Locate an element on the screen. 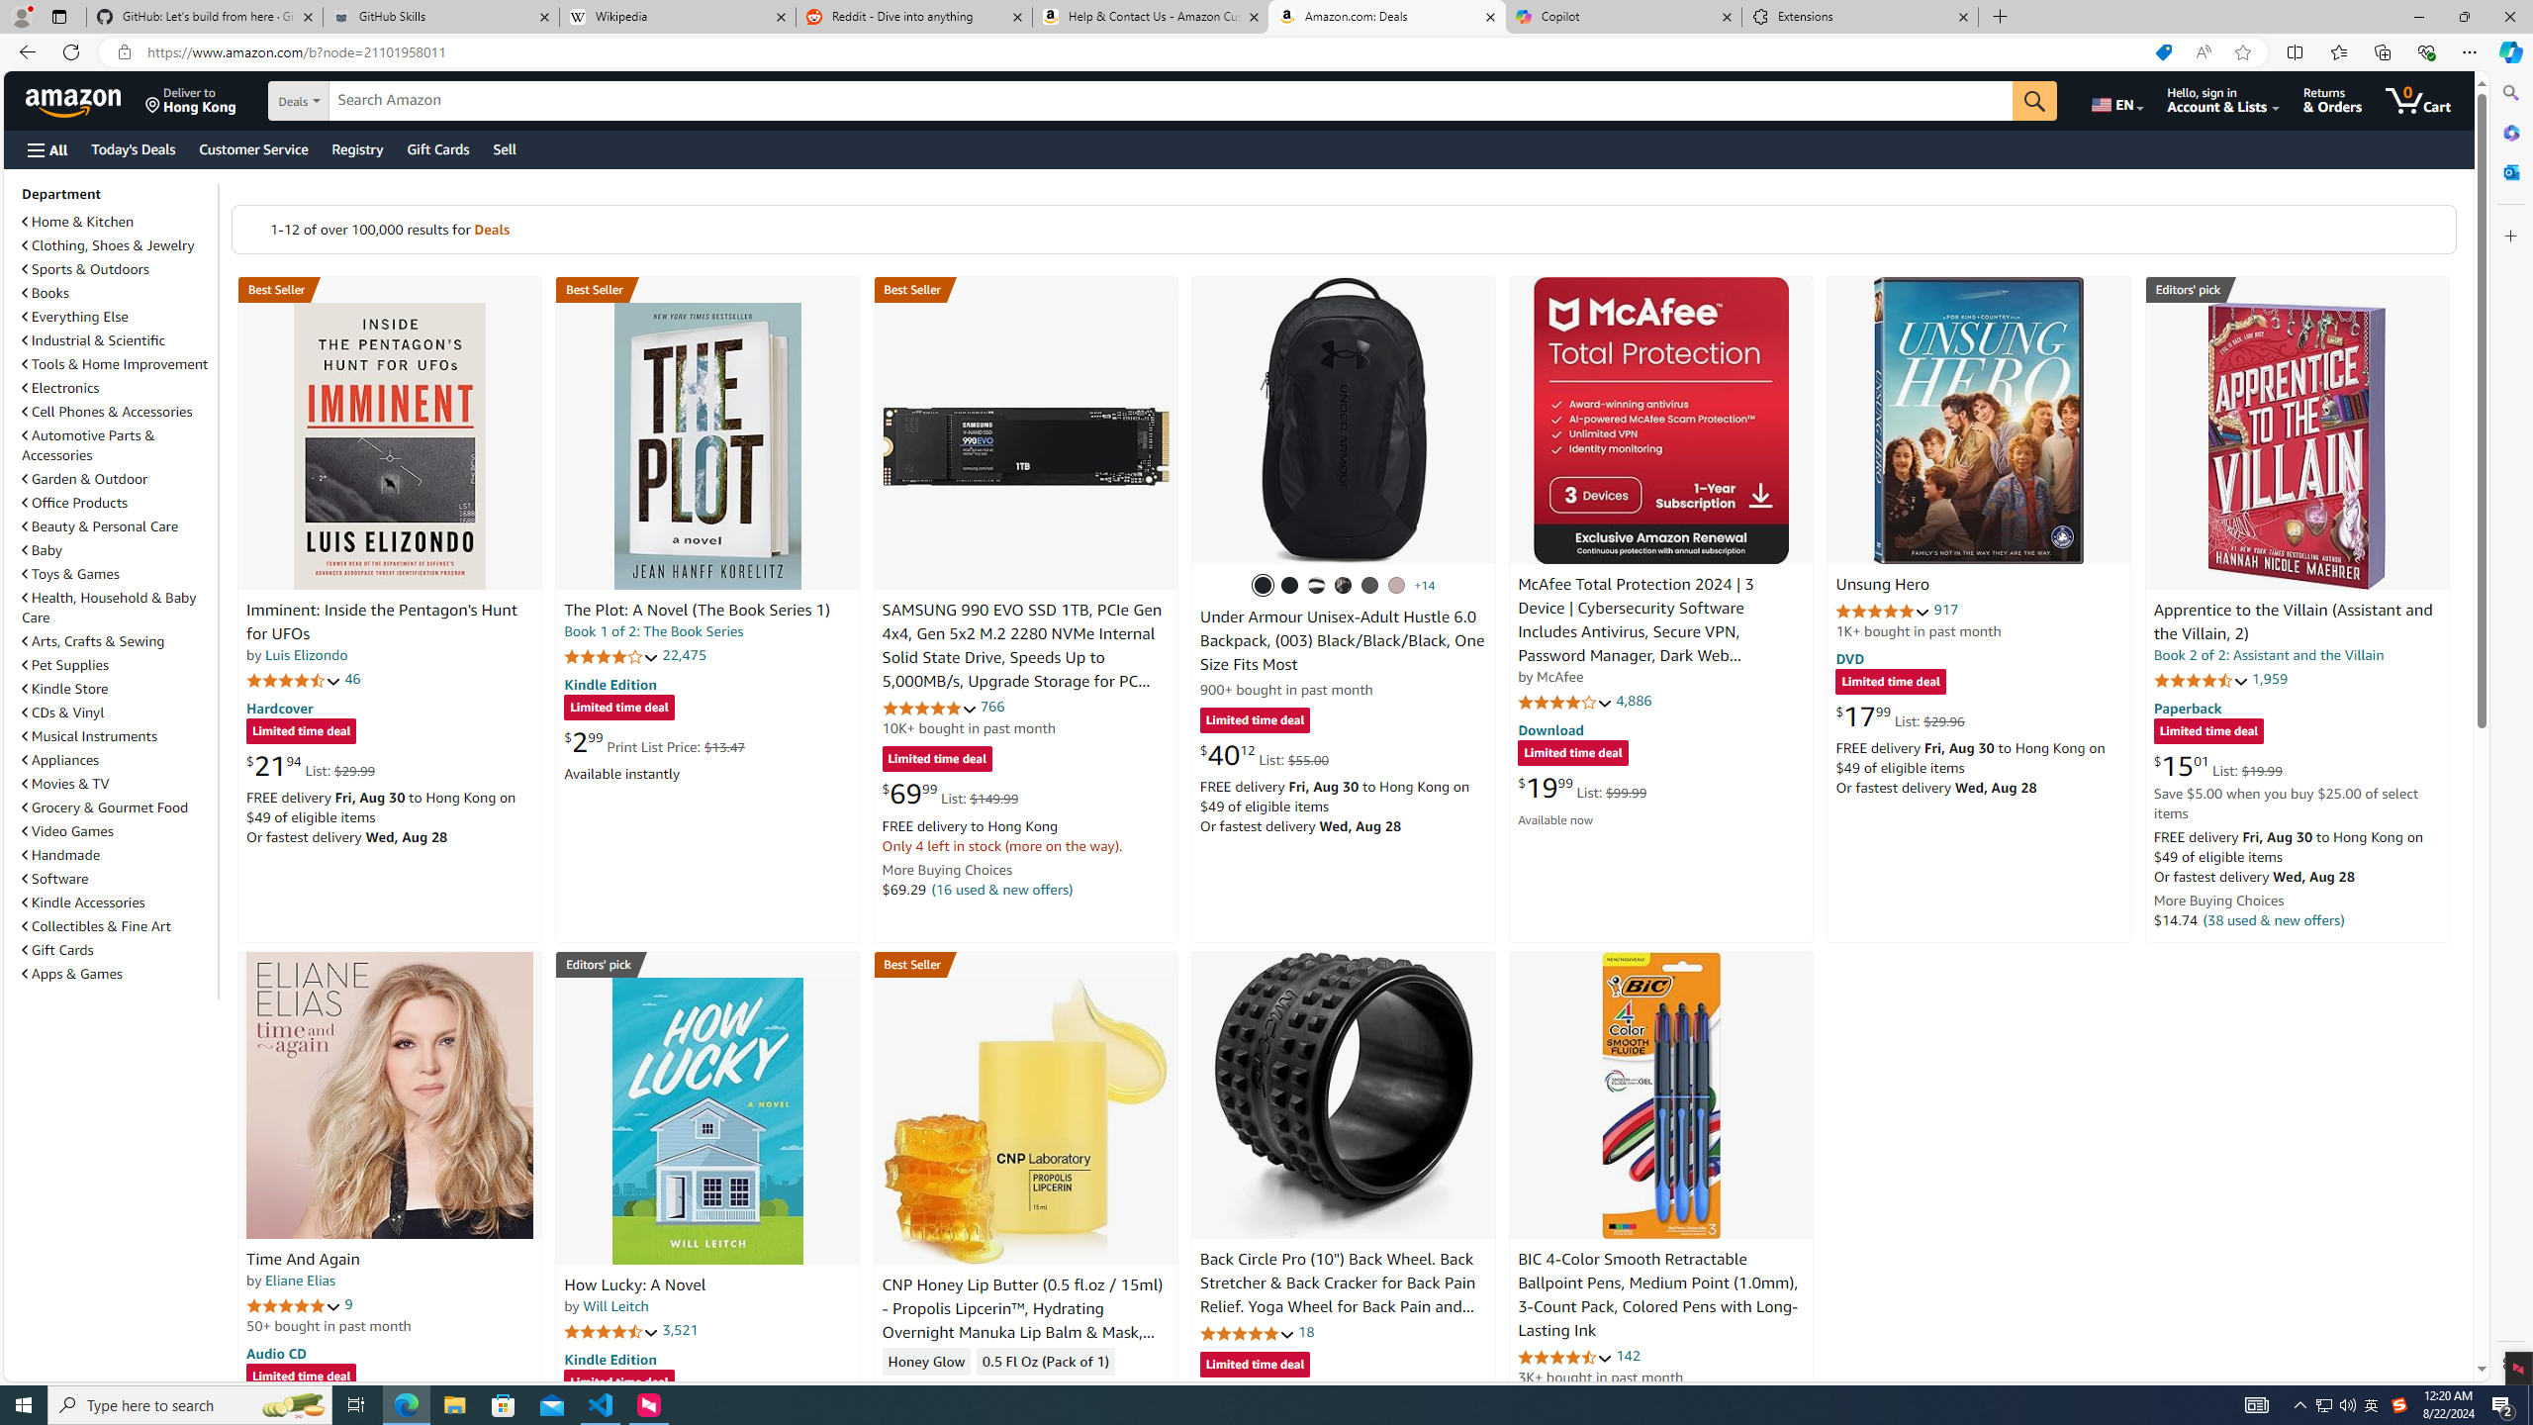 Image resolution: width=2533 pixels, height=1425 pixels. 'Microsoft 365' is located at coordinates (2508, 133).